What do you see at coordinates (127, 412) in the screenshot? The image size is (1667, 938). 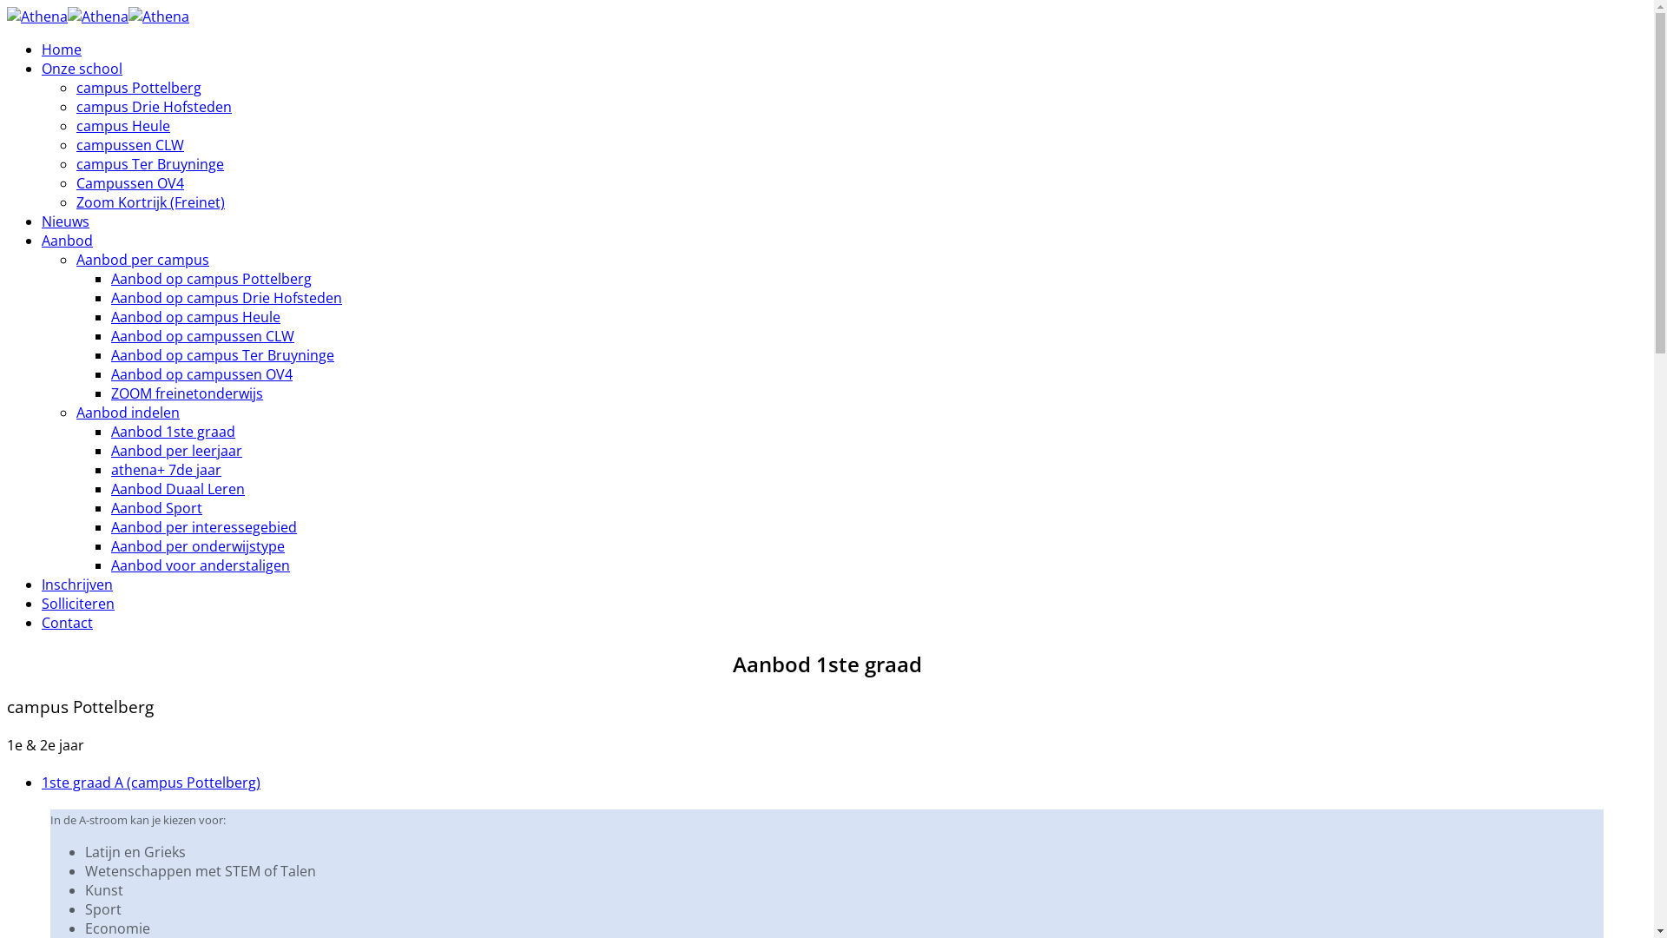 I see `'Aanbod indelen'` at bounding box center [127, 412].